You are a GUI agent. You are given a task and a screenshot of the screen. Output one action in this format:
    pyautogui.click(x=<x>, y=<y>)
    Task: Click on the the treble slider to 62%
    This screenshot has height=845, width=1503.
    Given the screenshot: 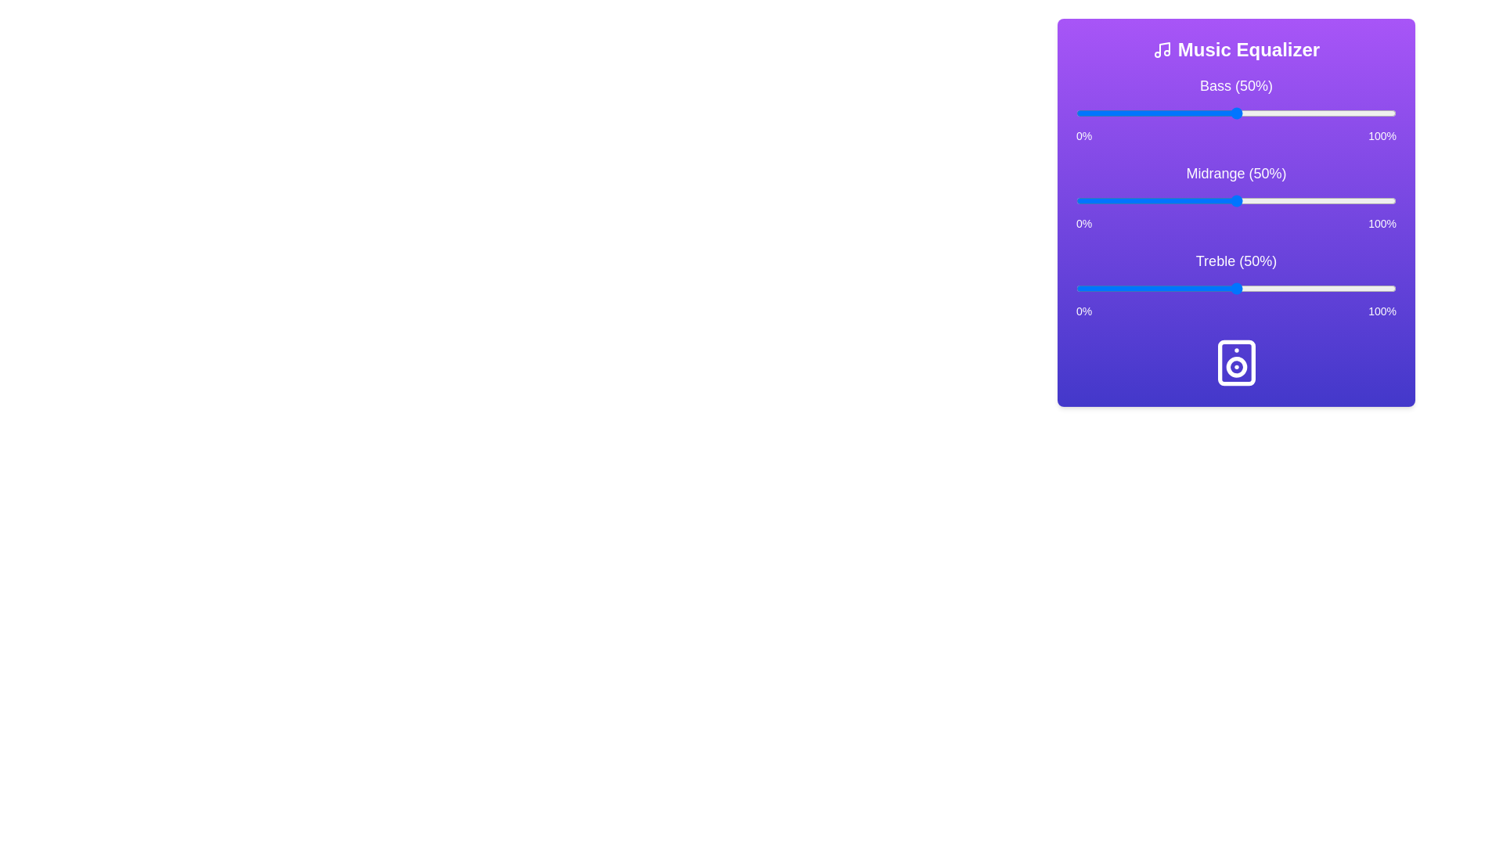 What is the action you would take?
    pyautogui.click(x=1274, y=289)
    